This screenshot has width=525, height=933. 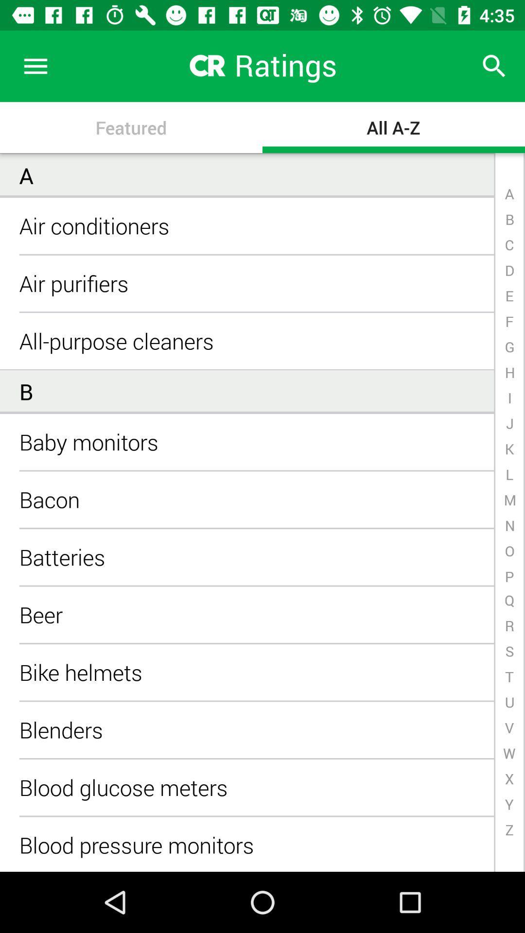 What do you see at coordinates (494, 66) in the screenshot?
I see `the icon next to the ratings icon` at bounding box center [494, 66].